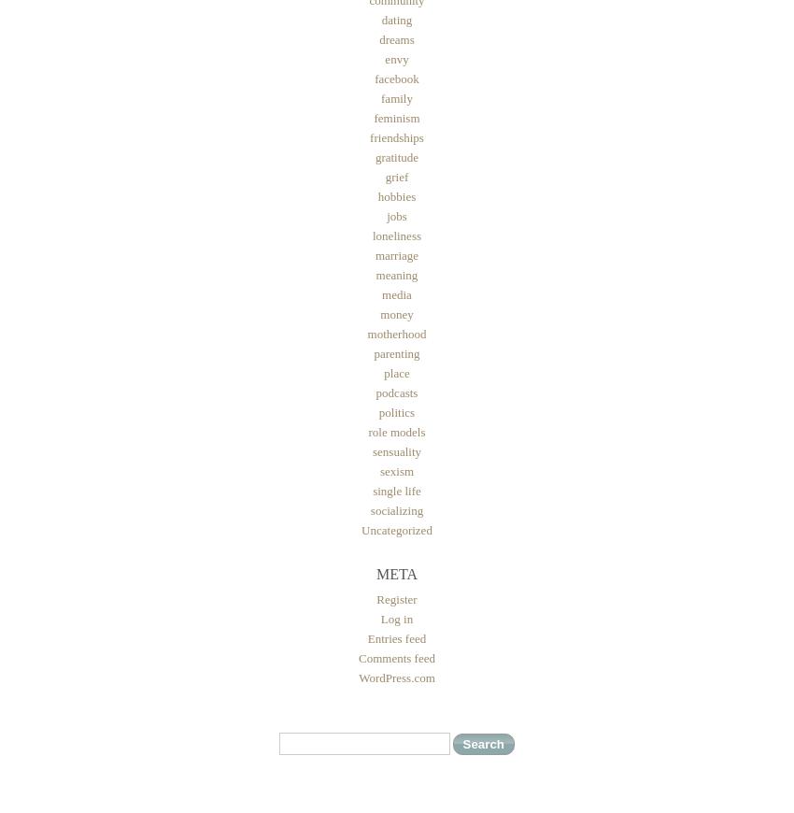  I want to click on 'single life', so click(396, 490).